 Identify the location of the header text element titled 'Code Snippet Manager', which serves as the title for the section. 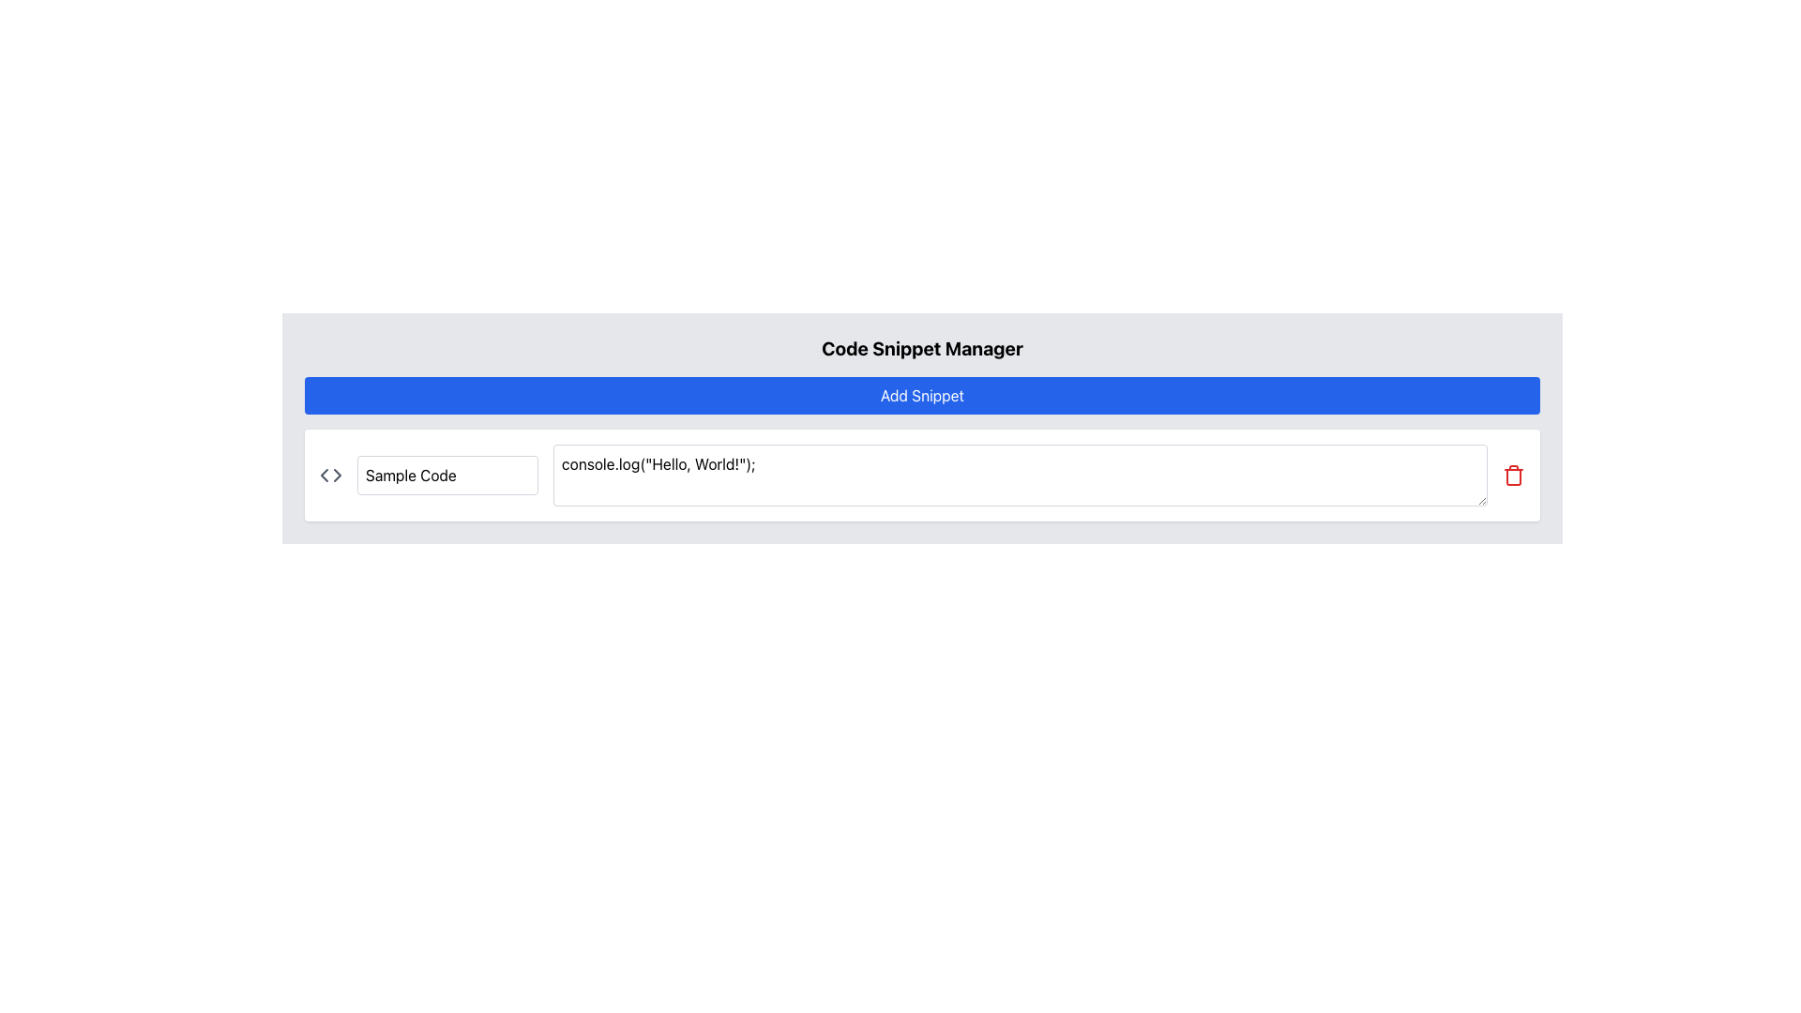
(922, 348).